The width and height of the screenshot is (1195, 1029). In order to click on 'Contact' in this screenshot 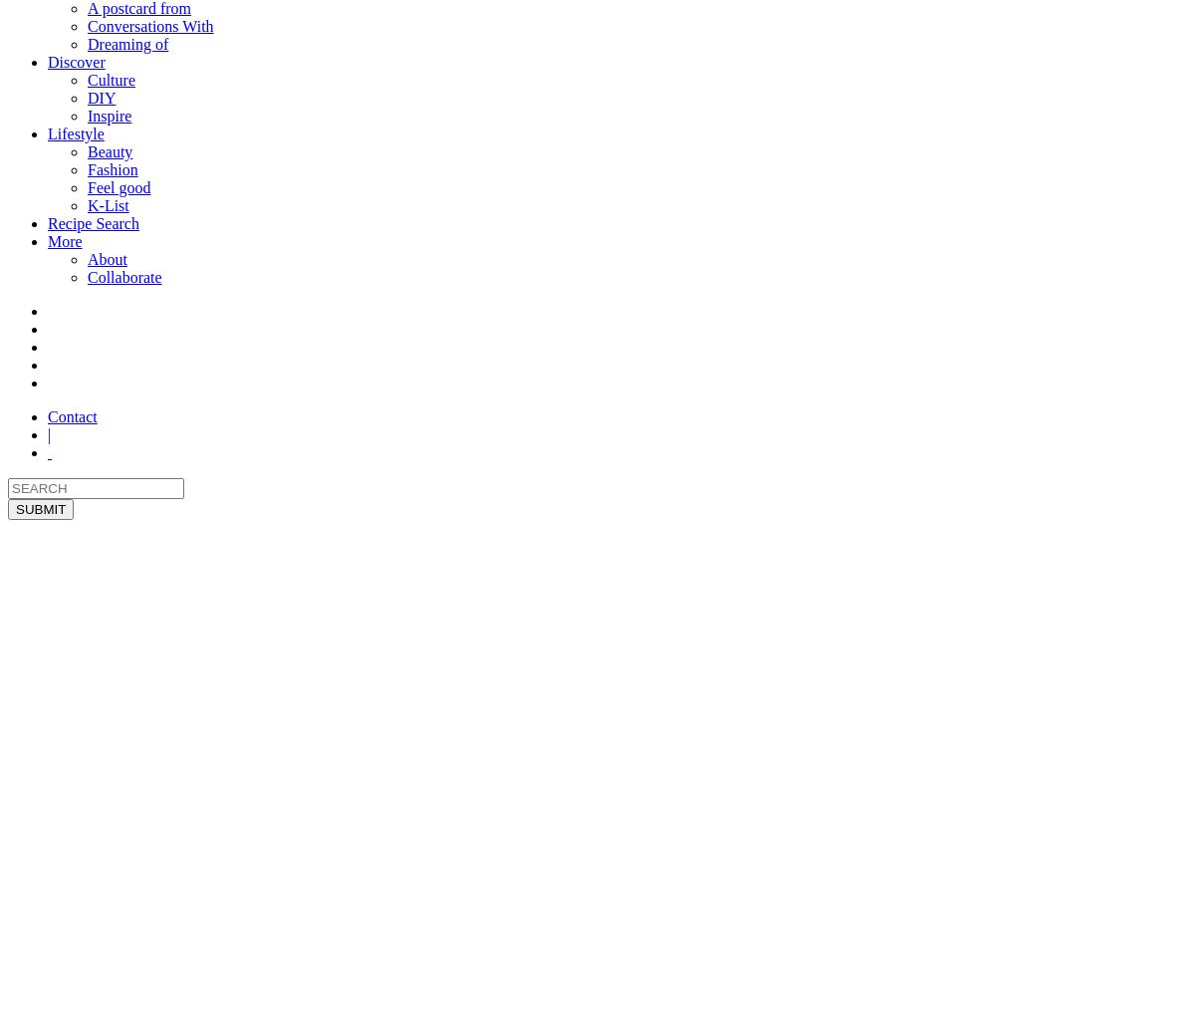, I will do `click(72, 416)`.